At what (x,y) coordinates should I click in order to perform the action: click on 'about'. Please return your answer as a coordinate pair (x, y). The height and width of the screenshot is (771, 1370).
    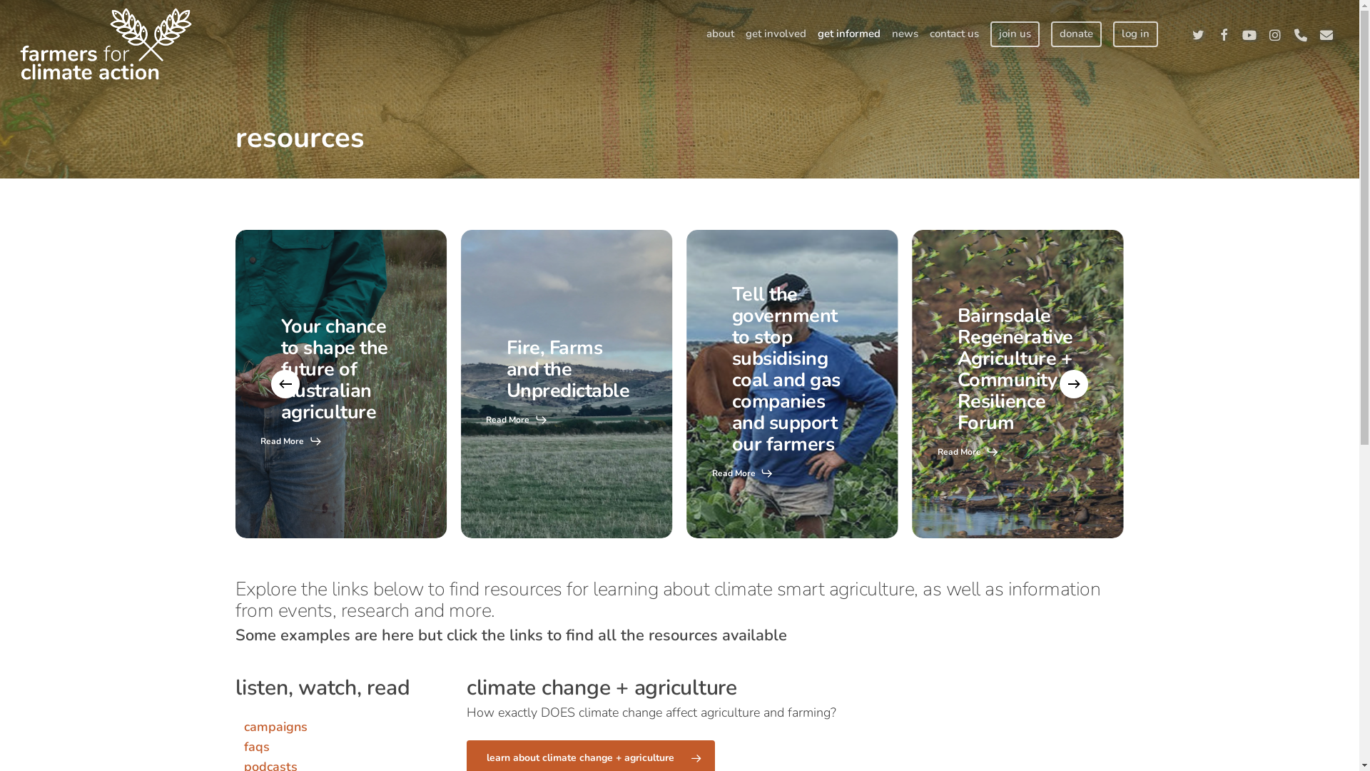
    Looking at the image, I should click on (720, 33).